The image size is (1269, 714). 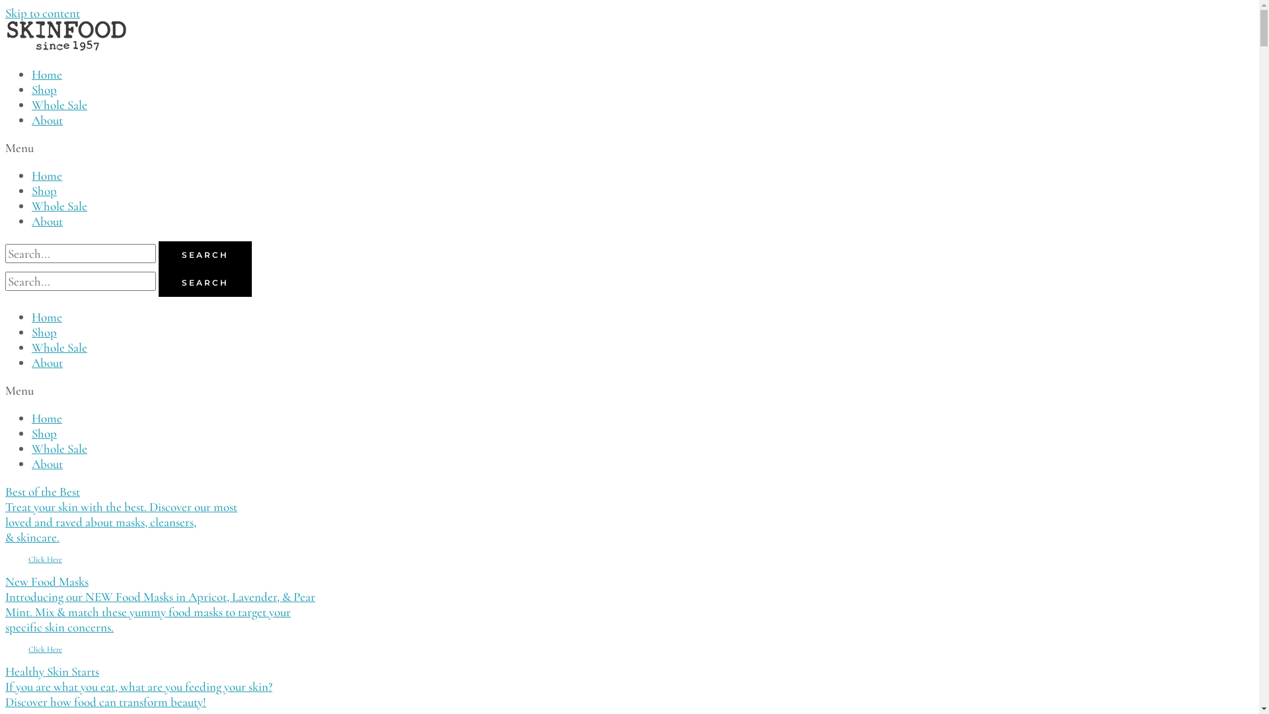 What do you see at coordinates (47, 175) in the screenshot?
I see `'Home'` at bounding box center [47, 175].